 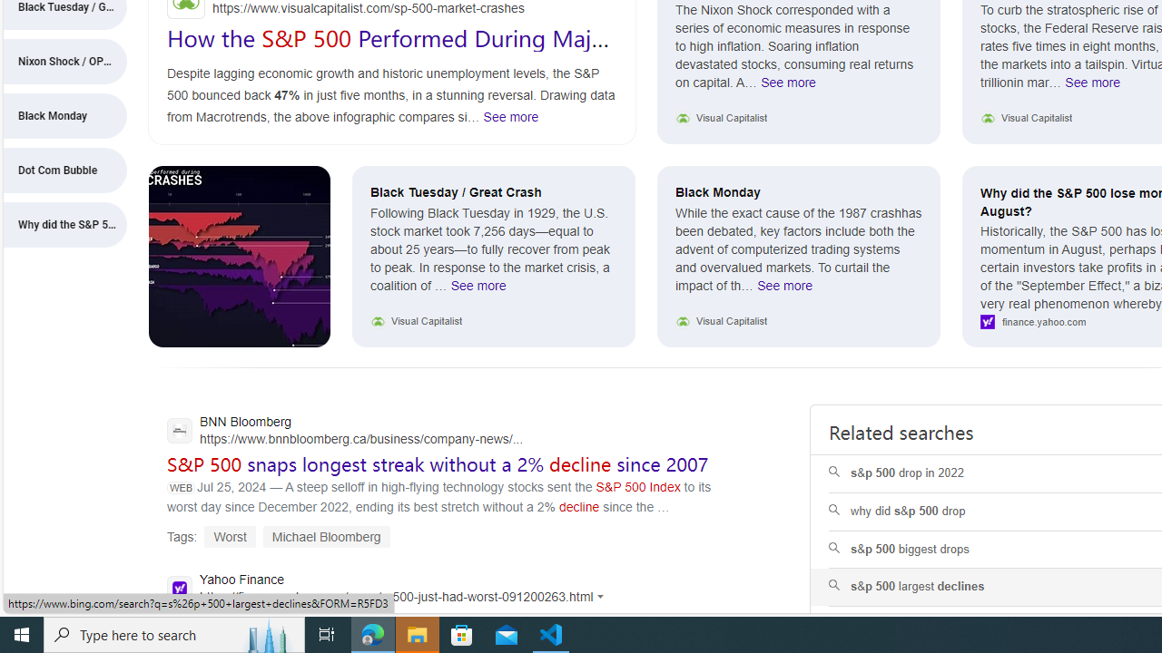 I want to click on 'S&P 500 snaps longest streak without a 2% decline since 2007', so click(x=438, y=463).